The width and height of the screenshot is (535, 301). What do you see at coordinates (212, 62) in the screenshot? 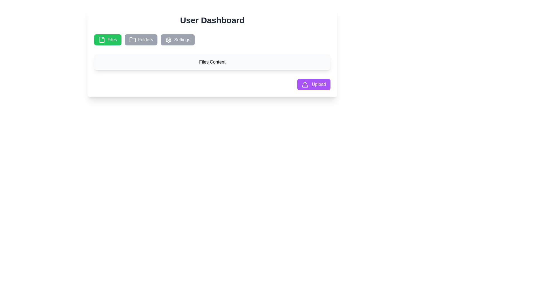
I see `the text label displaying 'Files Content' located in the main content area of the User Dashboard, which is below the toolbar` at bounding box center [212, 62].